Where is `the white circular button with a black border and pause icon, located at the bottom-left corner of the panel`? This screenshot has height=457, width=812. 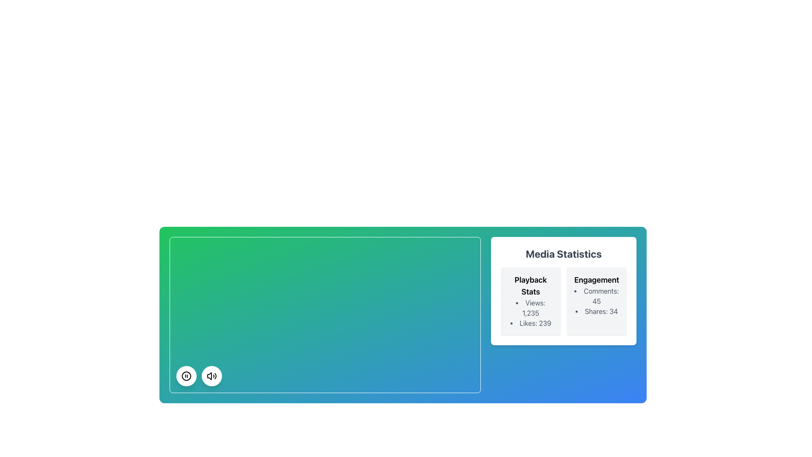 the white circular button with a black border and pause icon, located at the bottom-left corner of the panel is located at coordinates (186, 375).